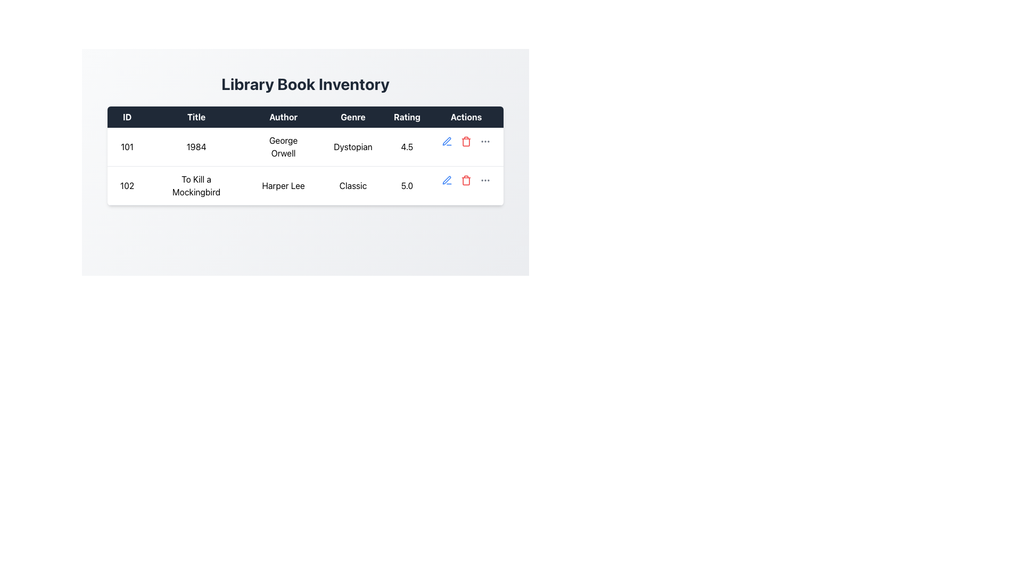 The width and height of the screenshot is (1022, 575). I want to click on the Ellipsis menu button, represented by three horizontally aligned dots, located in the last column of the second row in the 'Actions' section of the table, so click(485, 179).